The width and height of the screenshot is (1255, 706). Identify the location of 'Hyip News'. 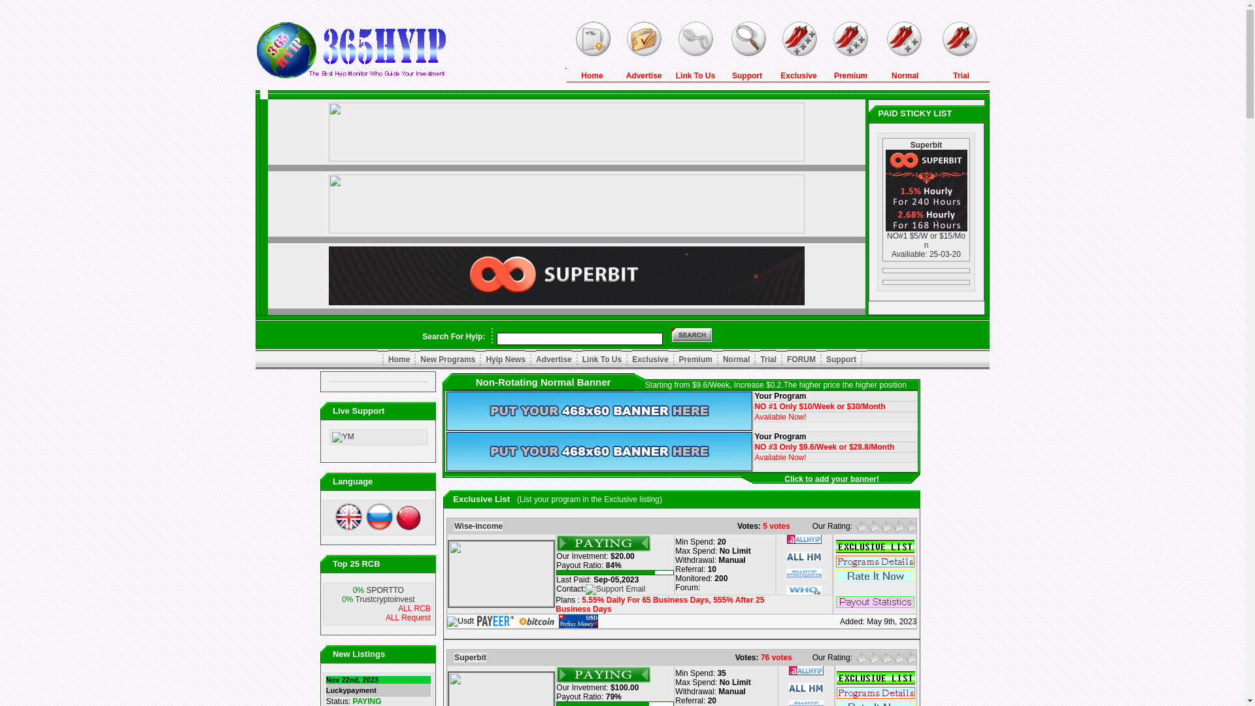
(485, 360).